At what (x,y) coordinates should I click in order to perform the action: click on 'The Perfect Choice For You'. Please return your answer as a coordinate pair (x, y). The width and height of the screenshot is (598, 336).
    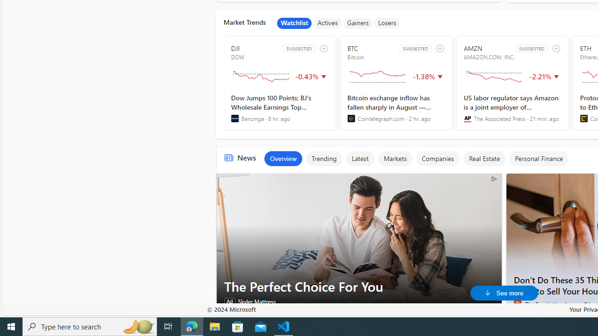
    Looking at the image, I should click on (358, 243).